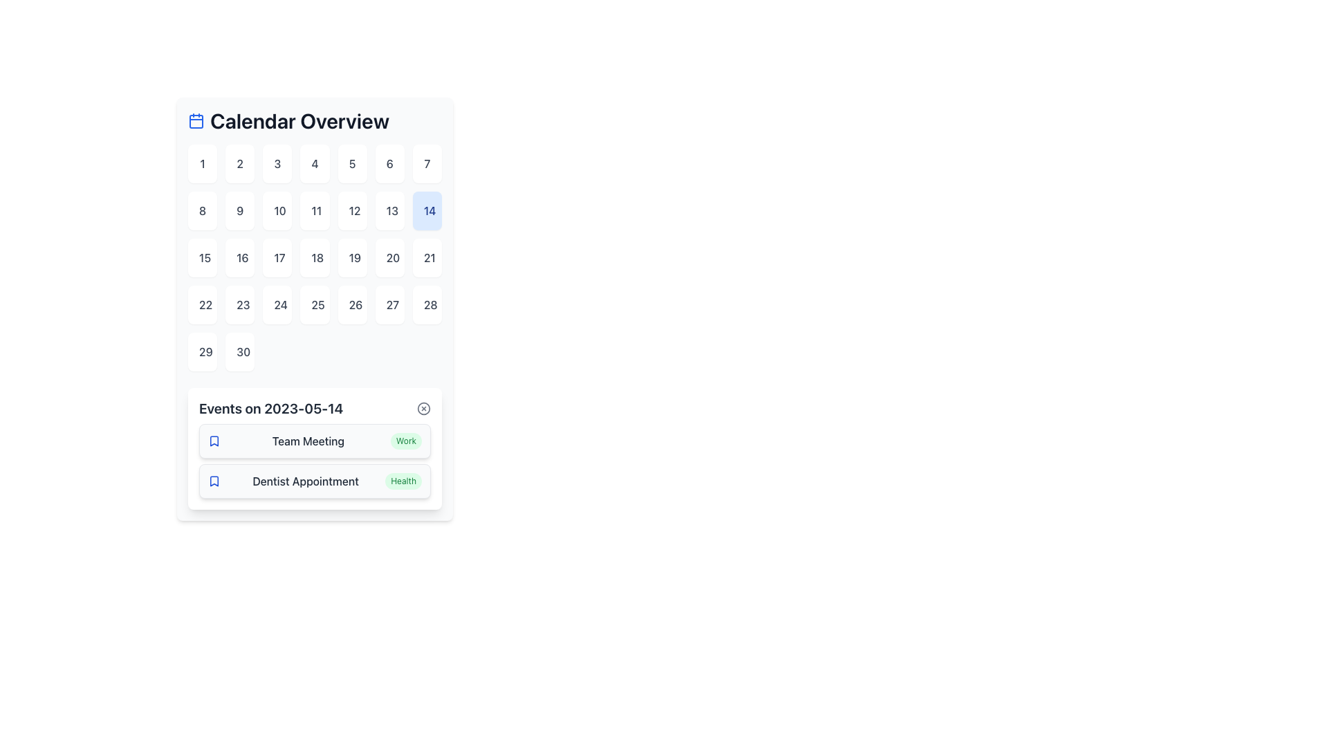 This screenshot has width=1328, height=747. I want to click on the button labeled '23', so click(240, 304).